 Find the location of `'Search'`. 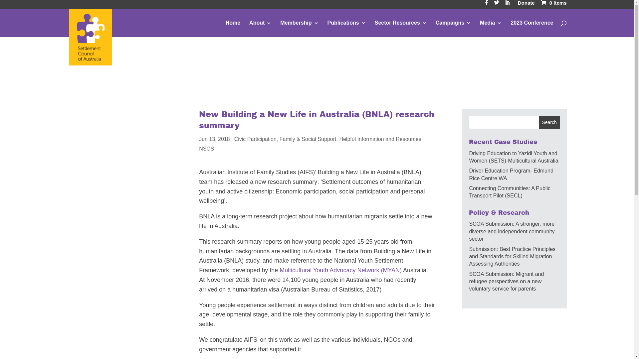

'Search' is located at coordinates (549, 122).